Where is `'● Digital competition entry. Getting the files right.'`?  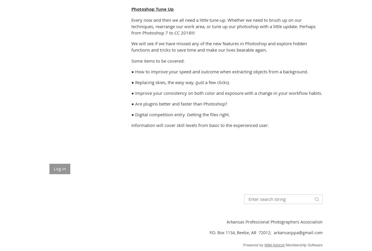
'● Digital competition entry. Getting the files right.' is located at coordinates (180, 114).